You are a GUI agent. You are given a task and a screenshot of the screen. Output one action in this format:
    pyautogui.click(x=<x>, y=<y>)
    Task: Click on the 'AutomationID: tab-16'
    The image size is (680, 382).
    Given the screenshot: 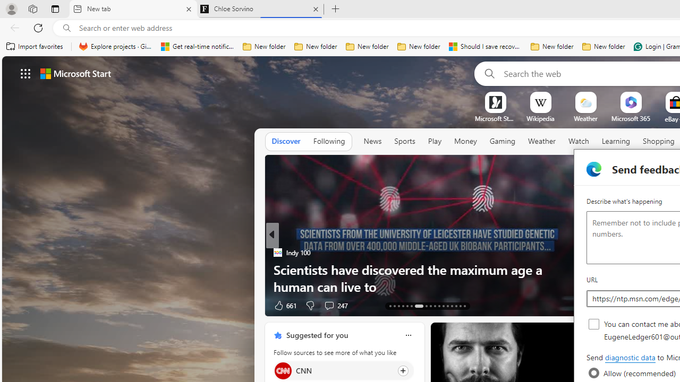 What is the action you would take?
    pyautogui.click(x=402, y=306)
    